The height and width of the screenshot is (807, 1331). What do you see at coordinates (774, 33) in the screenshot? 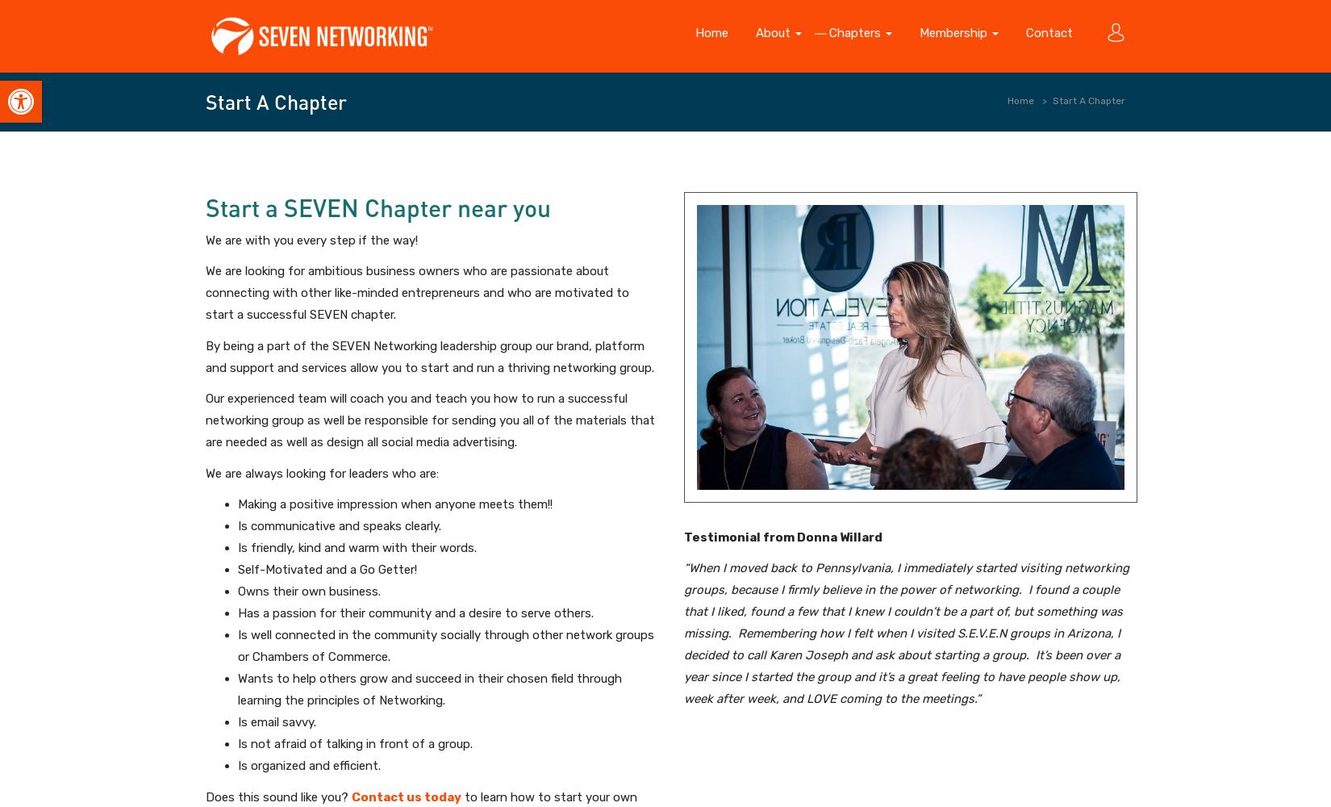
I see `'About'` at bounding box center [774, 33].